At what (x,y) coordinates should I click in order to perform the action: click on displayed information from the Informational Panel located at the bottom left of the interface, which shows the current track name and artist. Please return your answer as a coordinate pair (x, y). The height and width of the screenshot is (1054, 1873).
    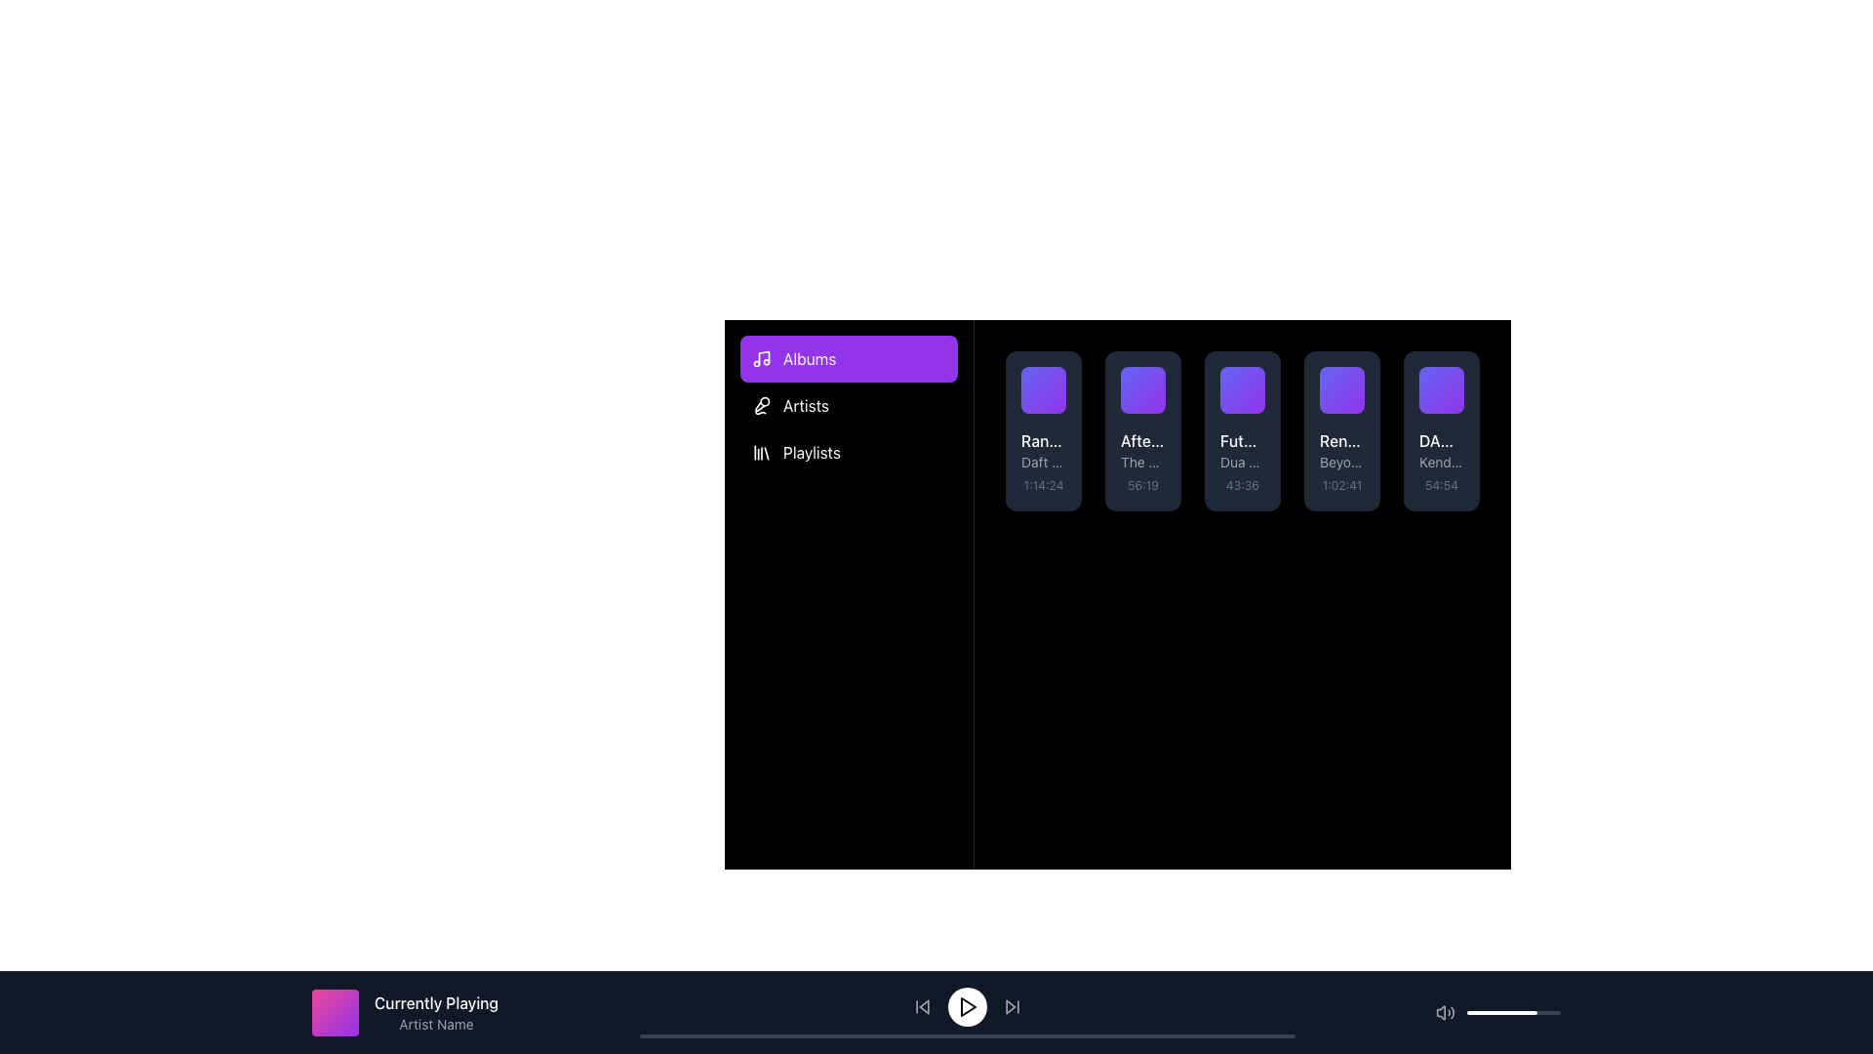
    Looking at the image, I should click on (404, 1011).